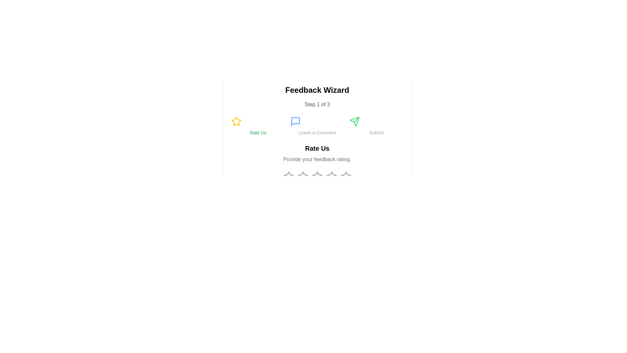 The image size is (627, 353). I want to click on bold text label that says 'Feedback Wizard', prominently displayed at the top of the layout, so click(317, 90).